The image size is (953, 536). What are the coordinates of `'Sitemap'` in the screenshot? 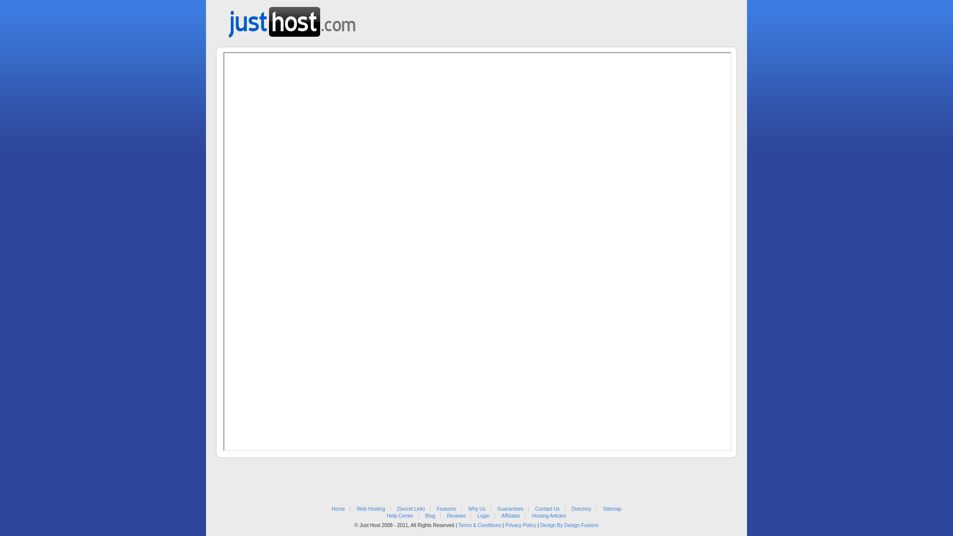 It's located at (602, 509).